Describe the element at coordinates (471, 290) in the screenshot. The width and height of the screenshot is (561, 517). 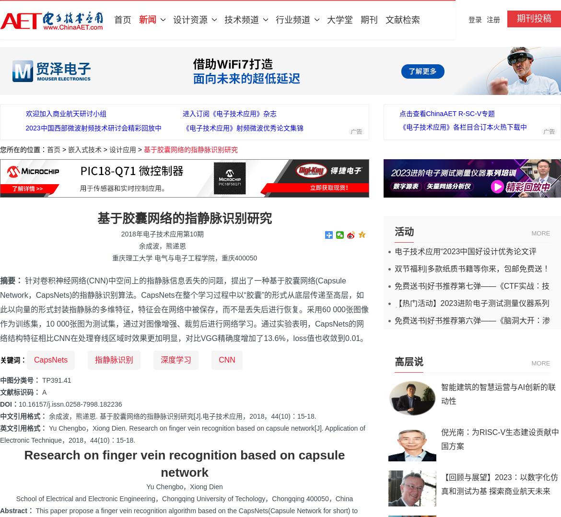
I see `'免费送书|好书推荐第七弹——《CTF实战：技术、解题与进阶》'` at that location.